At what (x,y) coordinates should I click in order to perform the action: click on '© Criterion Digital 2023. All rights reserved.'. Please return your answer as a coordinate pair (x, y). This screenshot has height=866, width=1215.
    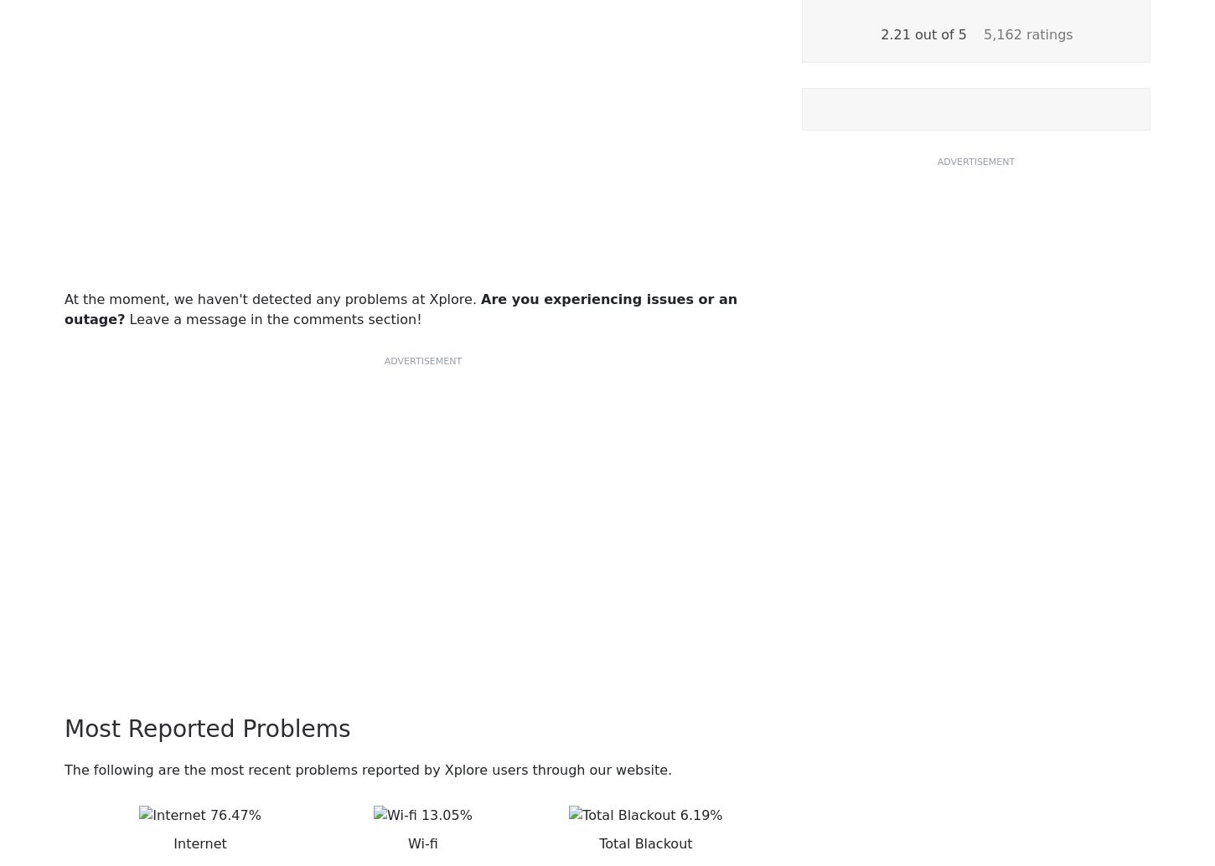
    Looking at the image, I should click on (606, 795).